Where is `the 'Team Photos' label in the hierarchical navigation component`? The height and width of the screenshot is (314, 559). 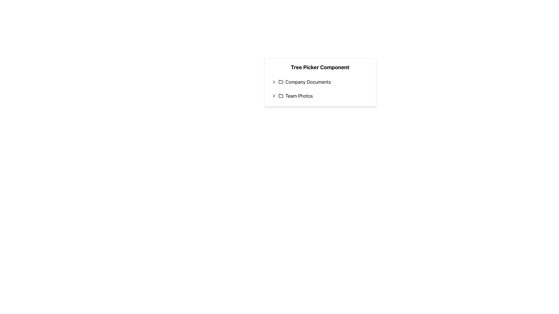
the 'Team Photos' label in the hierarchical navigation component is located at coordinates (299, 96).